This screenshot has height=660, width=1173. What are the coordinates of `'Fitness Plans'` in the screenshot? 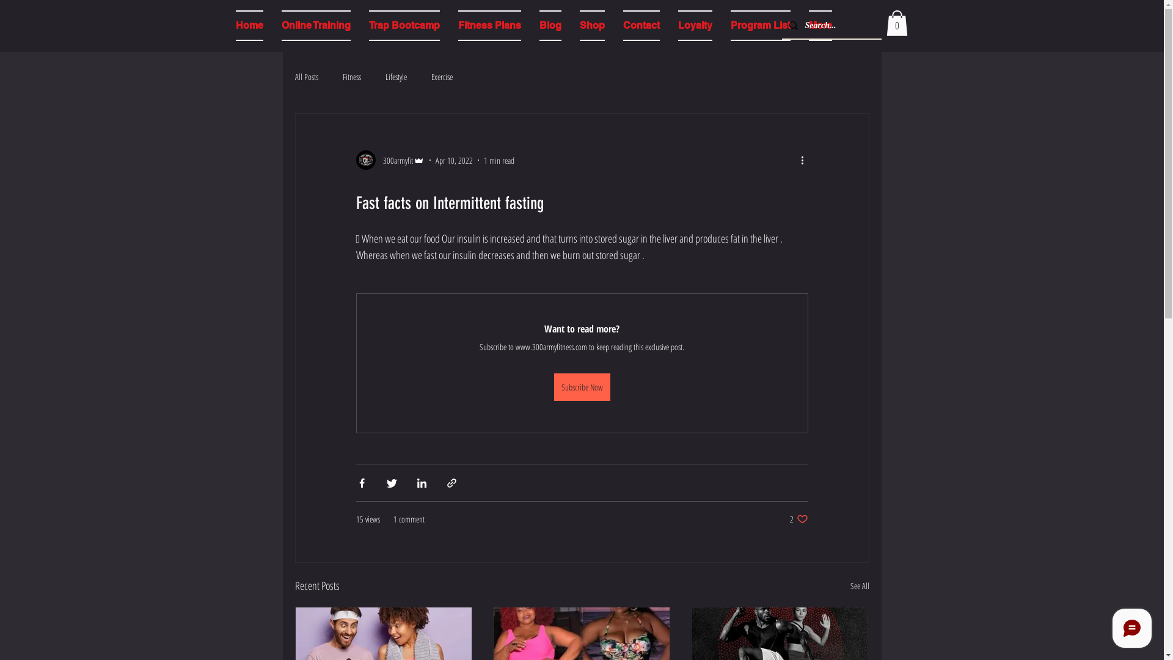 It's located at (489, 26).